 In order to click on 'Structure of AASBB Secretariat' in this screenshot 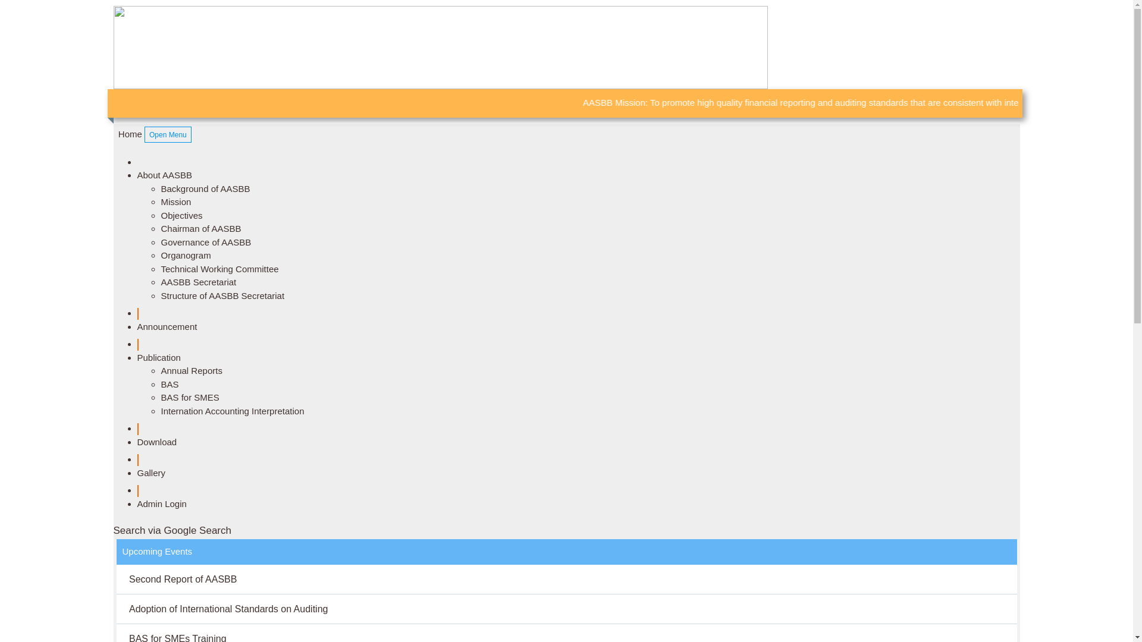, I will do `click(222, 294)`.